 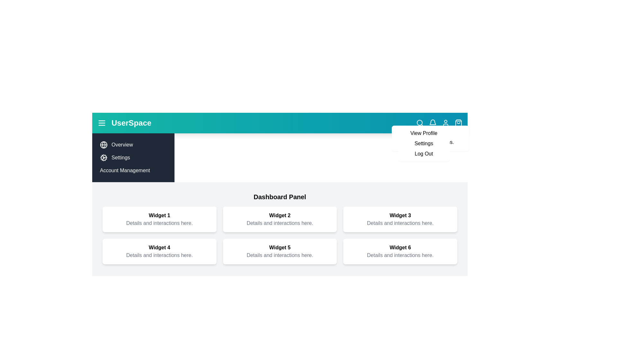 I want to click on the text label component that reads 'UserSpace', which is prominently displayed in a large bold font on a teal bar at the top of the page, so click(x=131, y=123).